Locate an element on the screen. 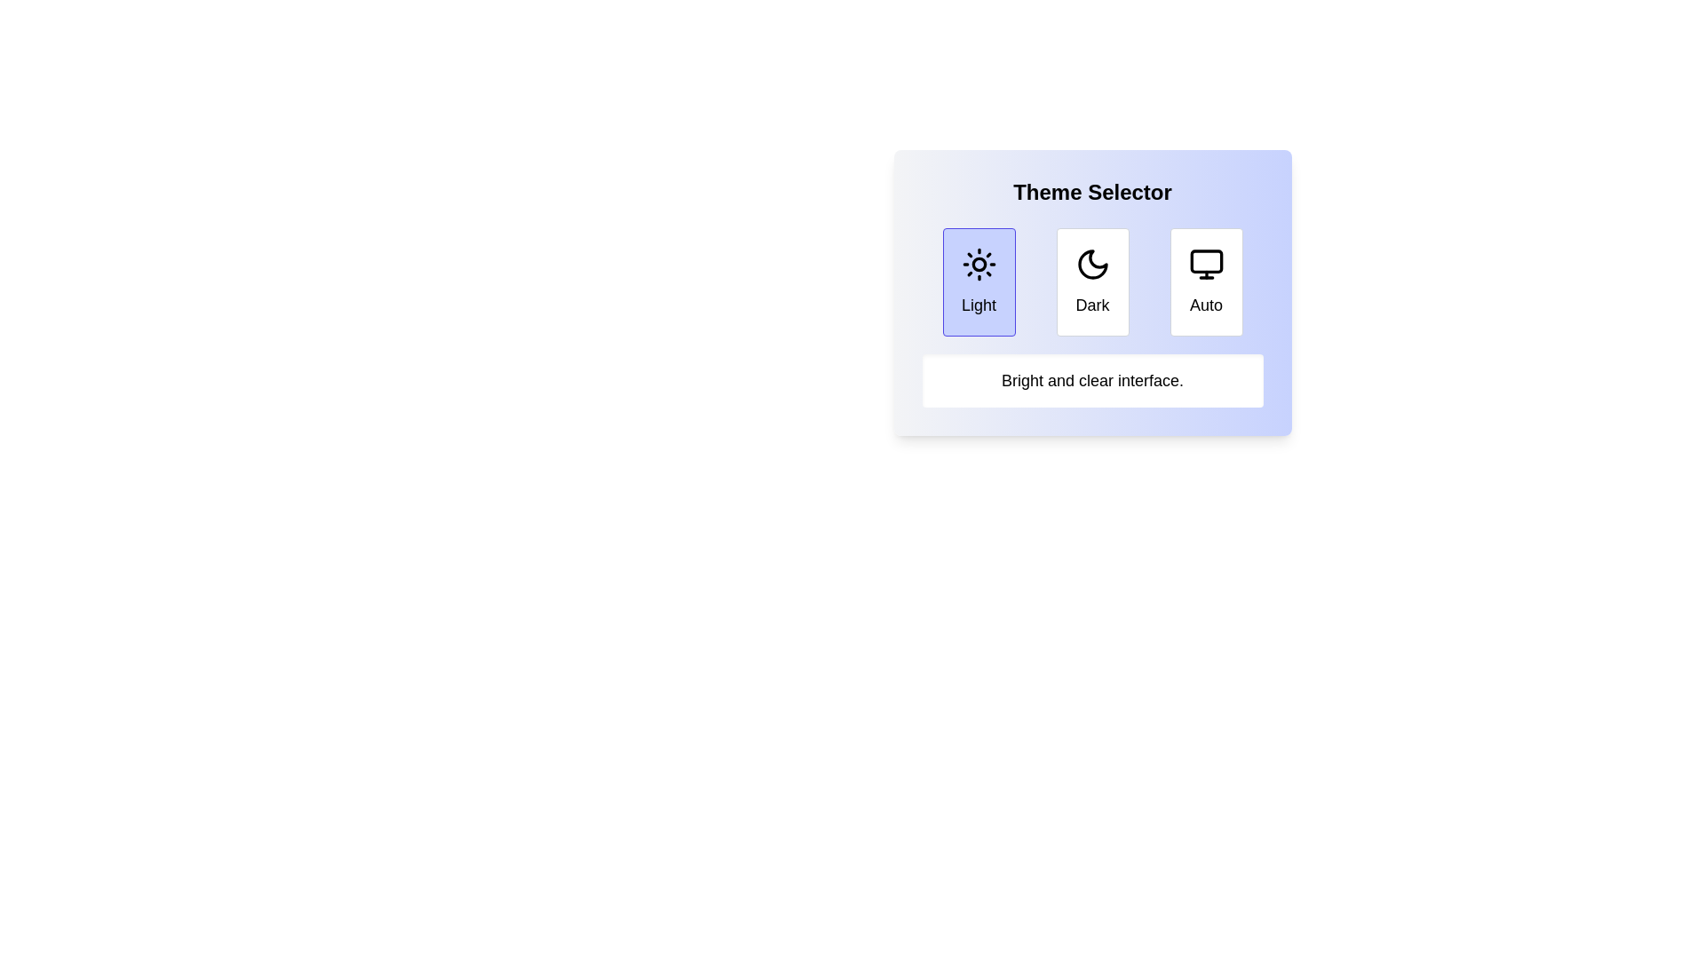 This screenshot has width=1705, height=959. the theme by clicking on the corresponding button. Use the parameter Auto to specify the theme to select is located at coordinates (1206, 281).